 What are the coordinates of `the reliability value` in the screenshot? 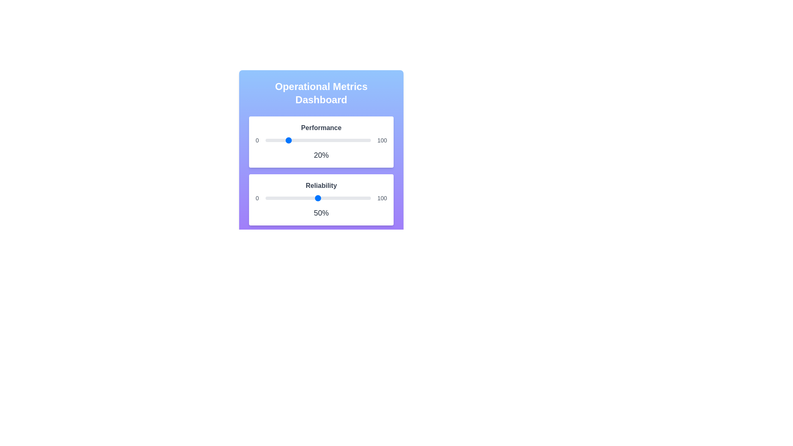 It's located at (361, 198).